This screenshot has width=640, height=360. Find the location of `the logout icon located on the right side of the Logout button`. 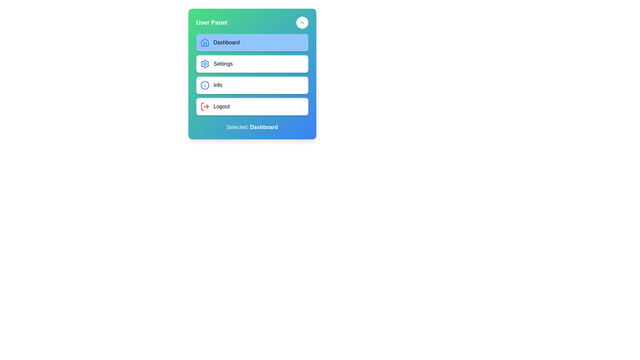

the logout icon located on the right side of the Logout button is located at coordinates (207, 106).